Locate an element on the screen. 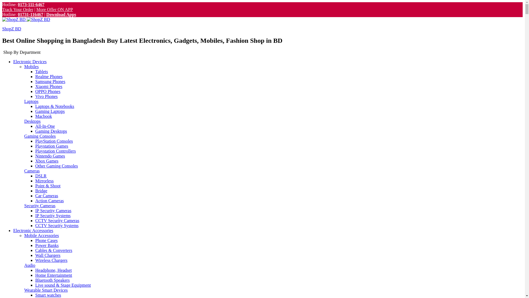  'Gaming Consoles' is located at coordinates (39, 136).